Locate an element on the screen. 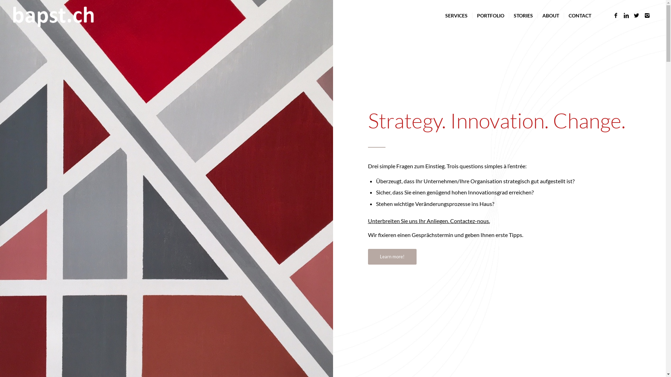  'SERVICES' is located at coordinates (456, 16).